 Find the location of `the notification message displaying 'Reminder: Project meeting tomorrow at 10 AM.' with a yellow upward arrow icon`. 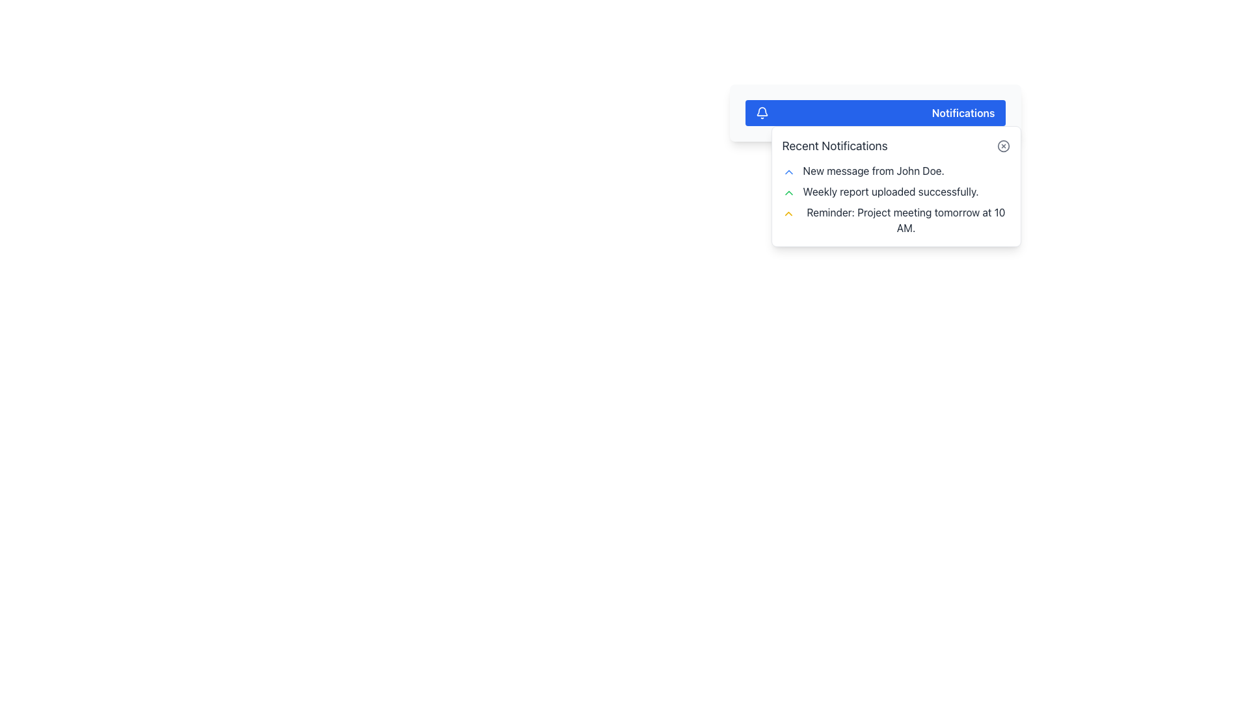

the notification message displaying 'Reminder: Project meeting tomorrow at 10 AM.' with a yellow upward arrow icon is located at coordinates (895, 220).